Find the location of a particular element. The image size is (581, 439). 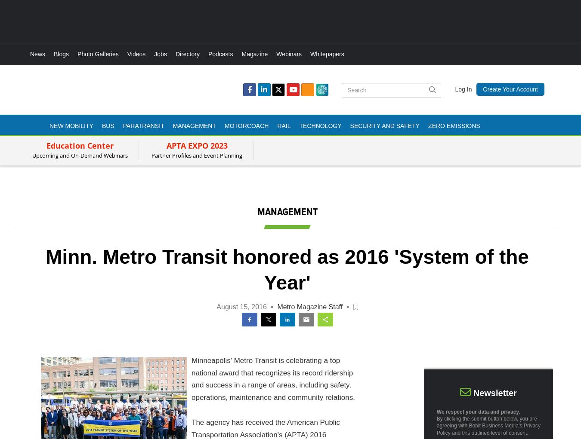

'Security and Safety' is located at coordinates (384, 125).